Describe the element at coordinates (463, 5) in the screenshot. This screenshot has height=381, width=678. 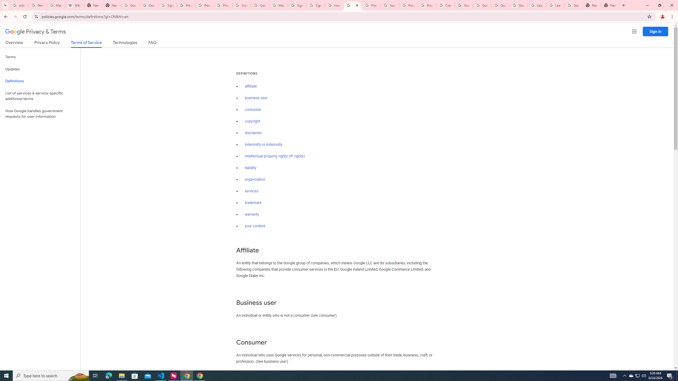
I see `'Google Account Help'` at that location.